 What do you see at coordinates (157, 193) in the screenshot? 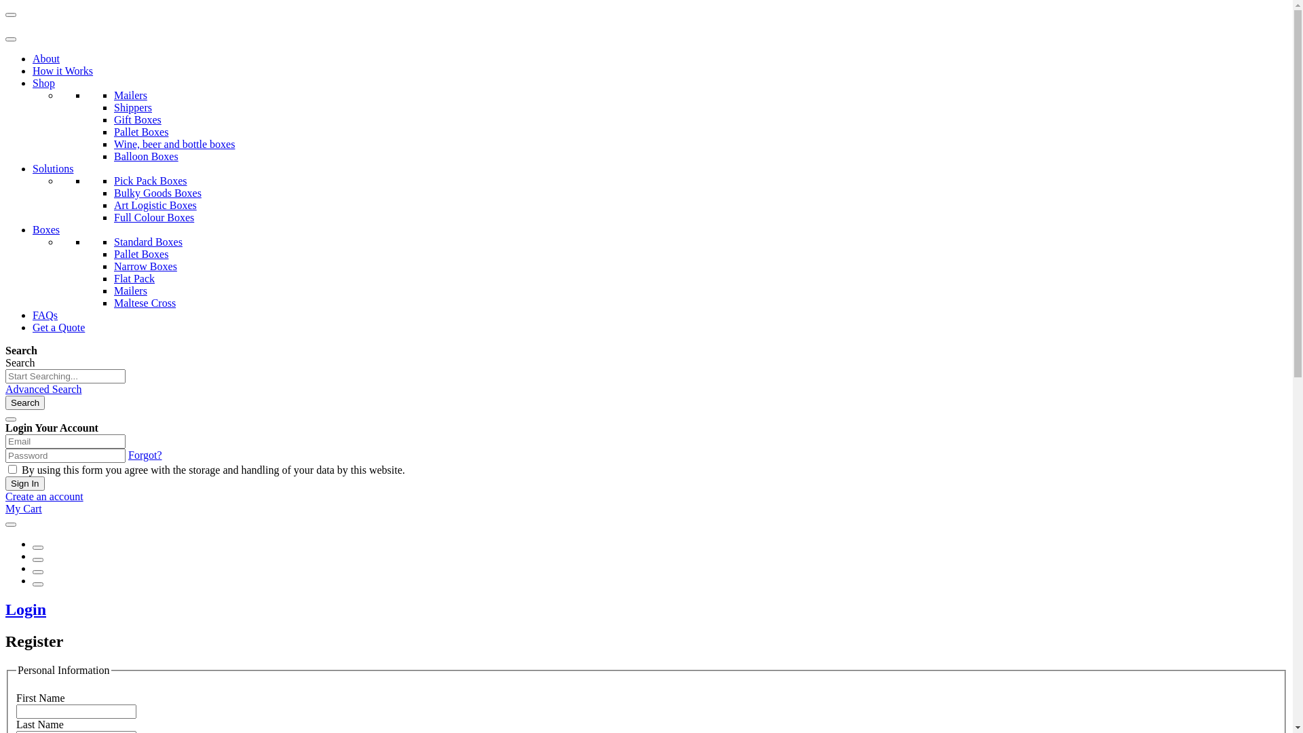
I see `'Bulky Goods Boxes'` at bounding box center [157, 193].